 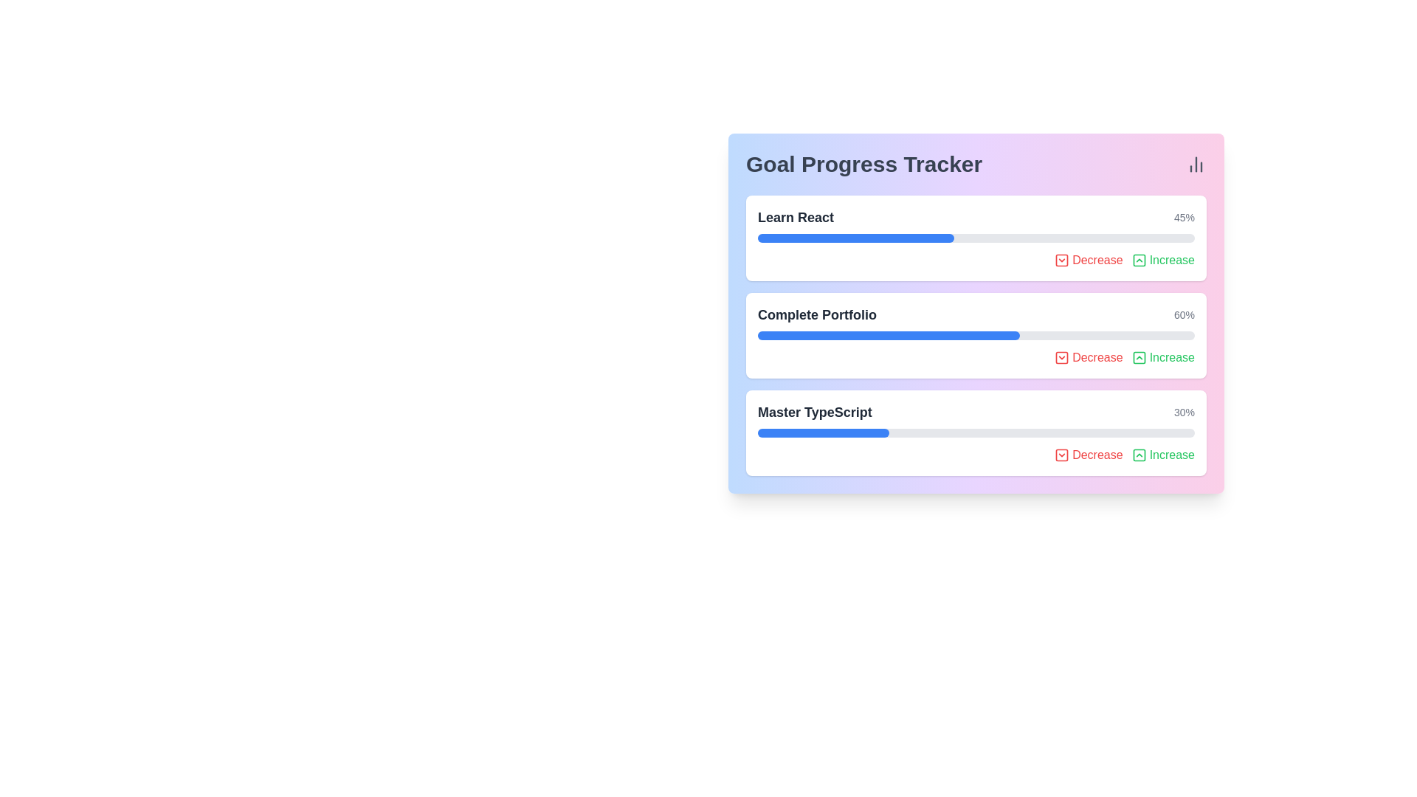 I want to click on the progress information displayed in the 'Complete Portfolio' element, which shows a progress percentage of '60%' in the Goal Progress Tracker, so click(x=976, y=314).